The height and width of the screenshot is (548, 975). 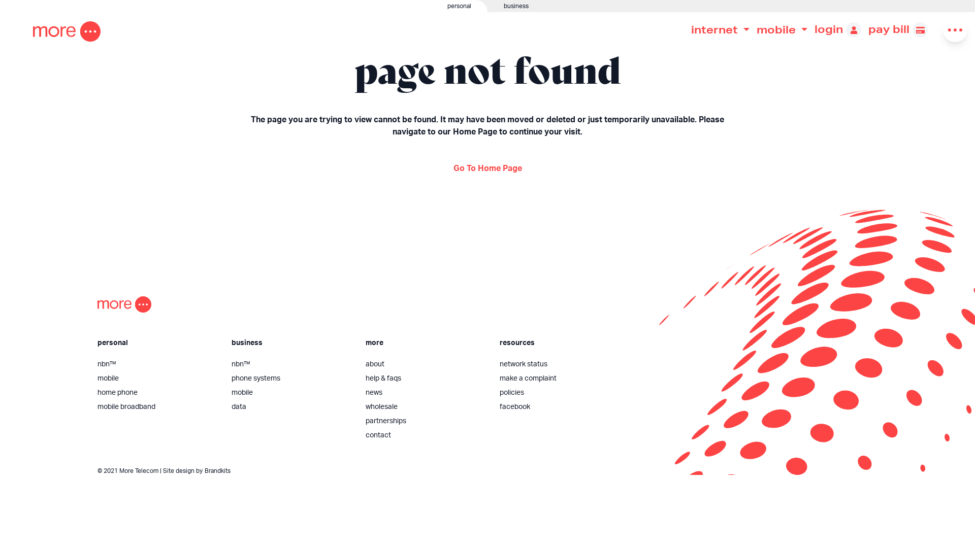 I want to click on 'make a complaint', so click(x=499, y=378).